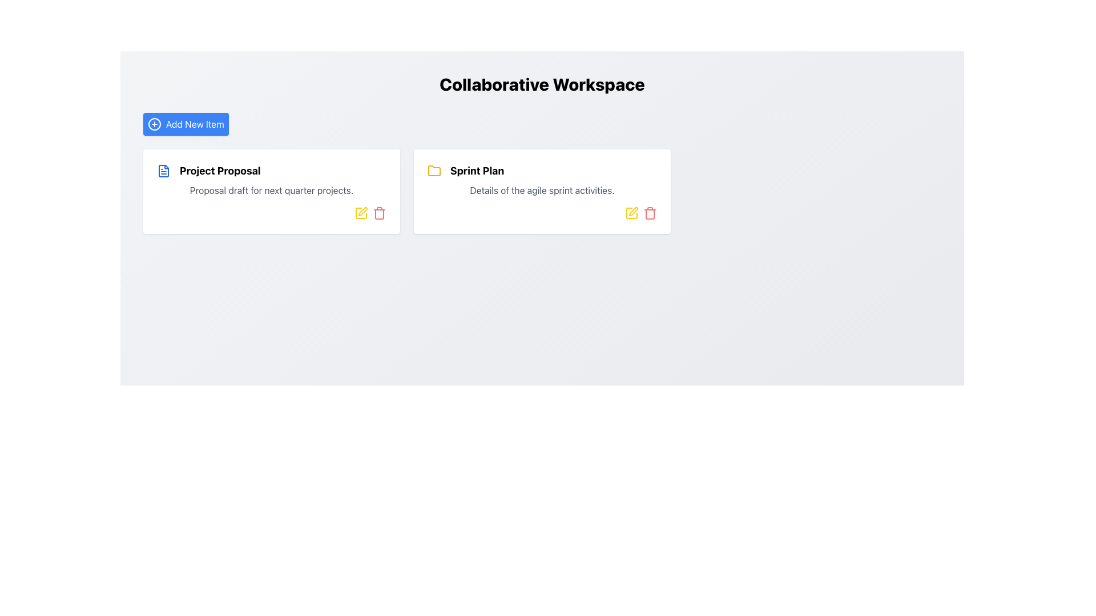  Describe the element at coordinates (380, 214) in the screenshot. I see `the trash icon located at the bottom-right corner of the 'Project Proposal' card` at that location.